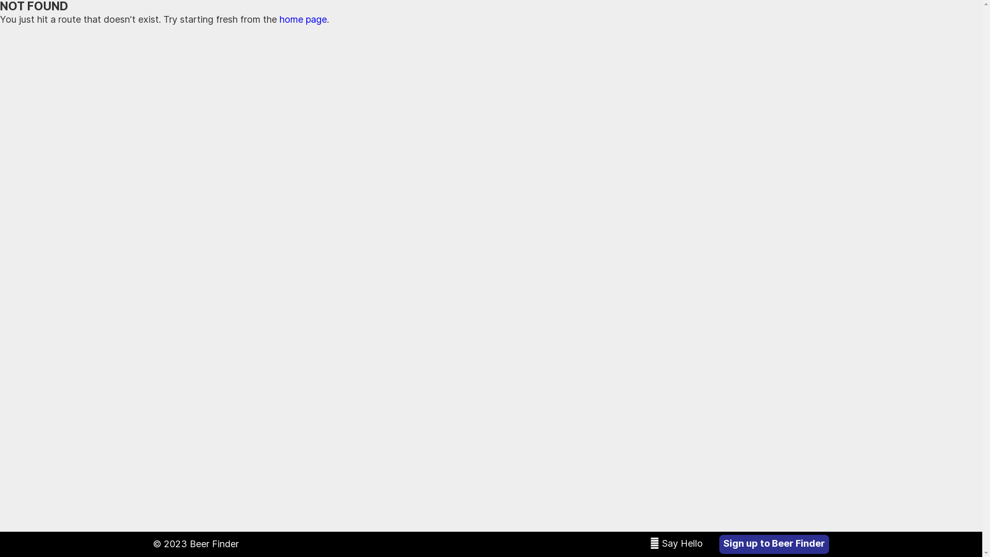 The image size is (990, 557). What do you see at coordinates (774, 544) in the screenshot?
I see `'Sign up to Beer Finder'` at bounding box center [774, 544].